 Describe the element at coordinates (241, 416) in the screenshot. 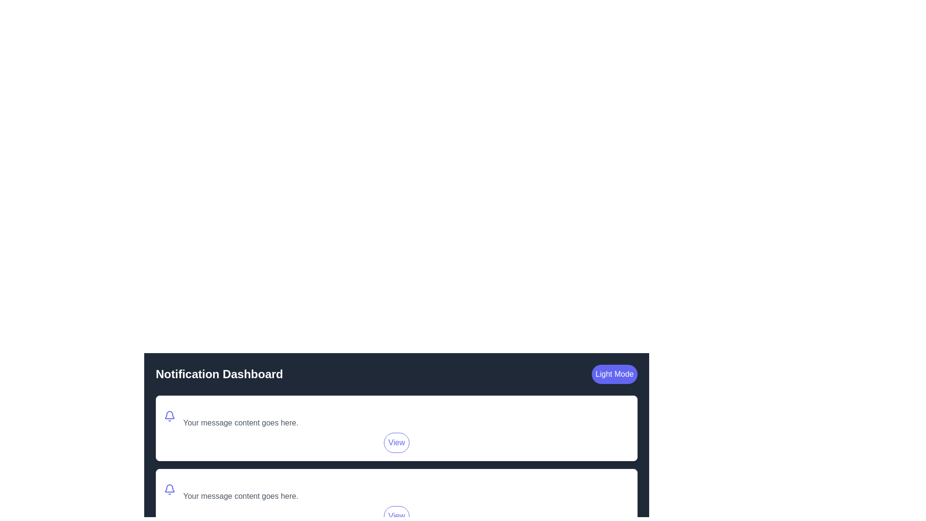

I see `the descriptive text element located centrally within the first notification card, beneath the title 'Notification 1' and to the right of the bell icon` at that location.